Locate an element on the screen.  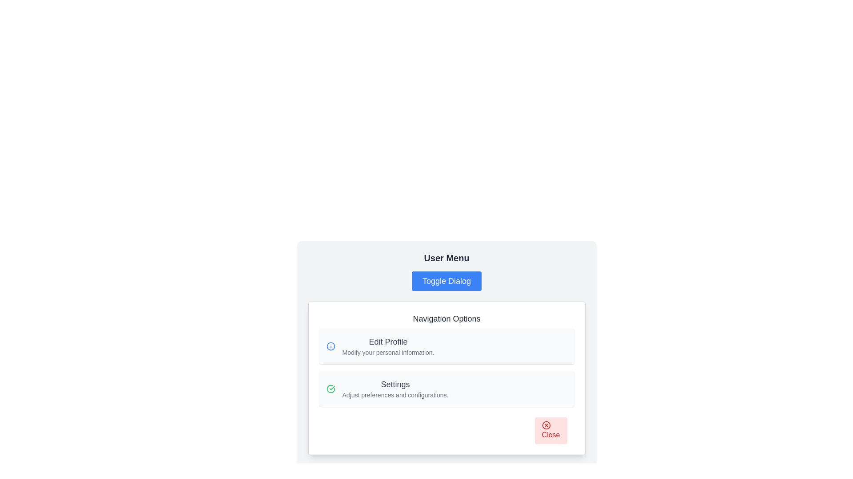
the close button located at the bottom-right of the dialog is located at coordinates (550, 430).